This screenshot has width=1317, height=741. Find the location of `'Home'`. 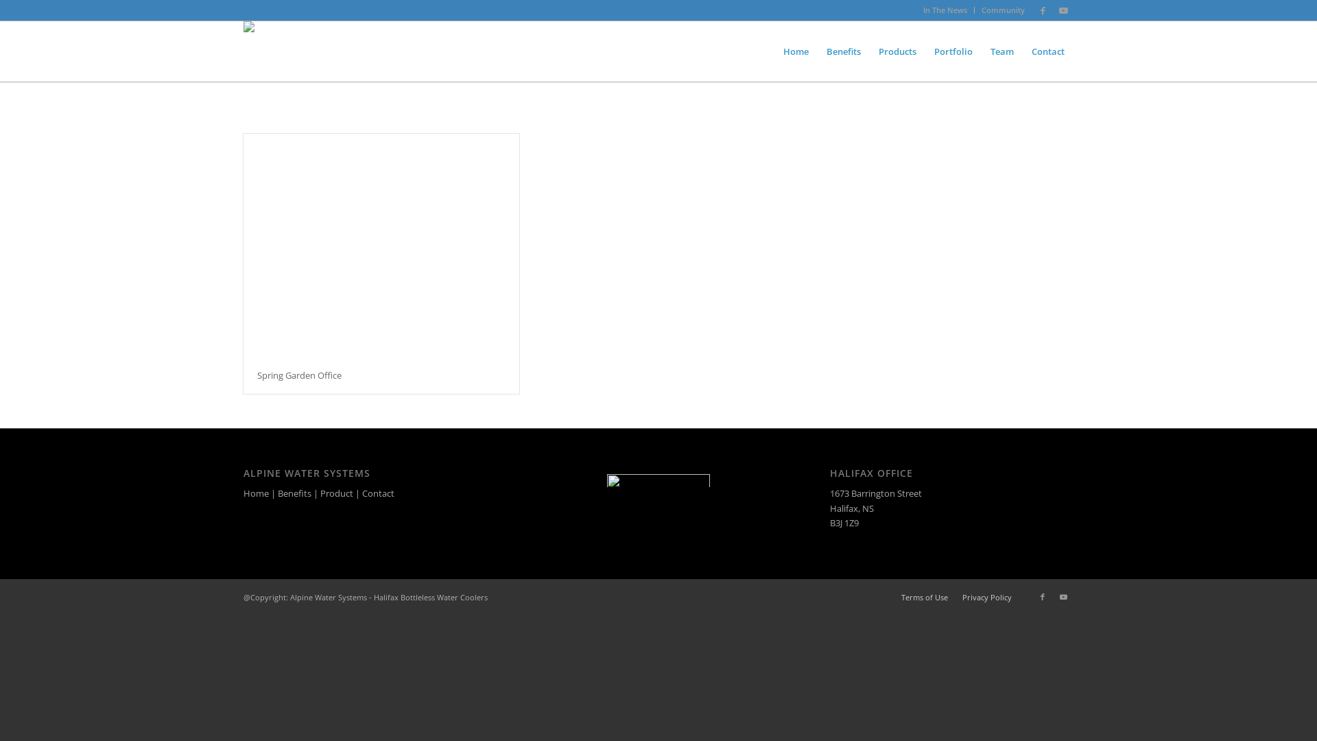

'Home' is located at coordinates (256, 492).